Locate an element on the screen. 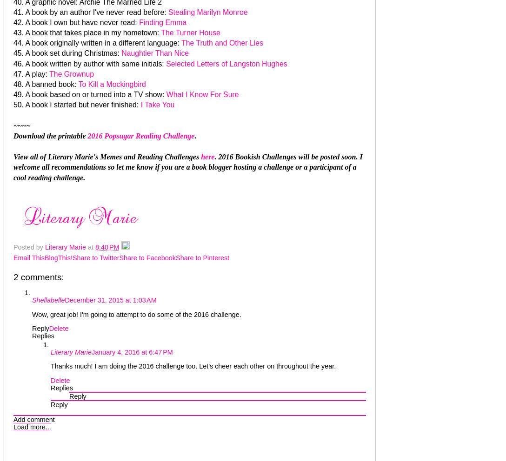  '8:40 PM' is located at coordinates (107, 246).